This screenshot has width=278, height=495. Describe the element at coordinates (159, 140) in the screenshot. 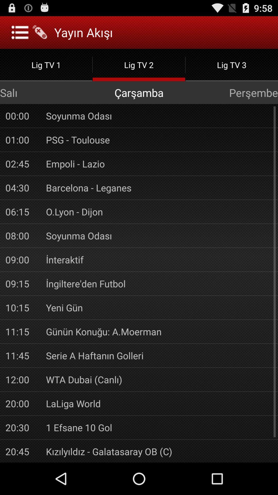

I see `the app next to 01:00 app` at that location.